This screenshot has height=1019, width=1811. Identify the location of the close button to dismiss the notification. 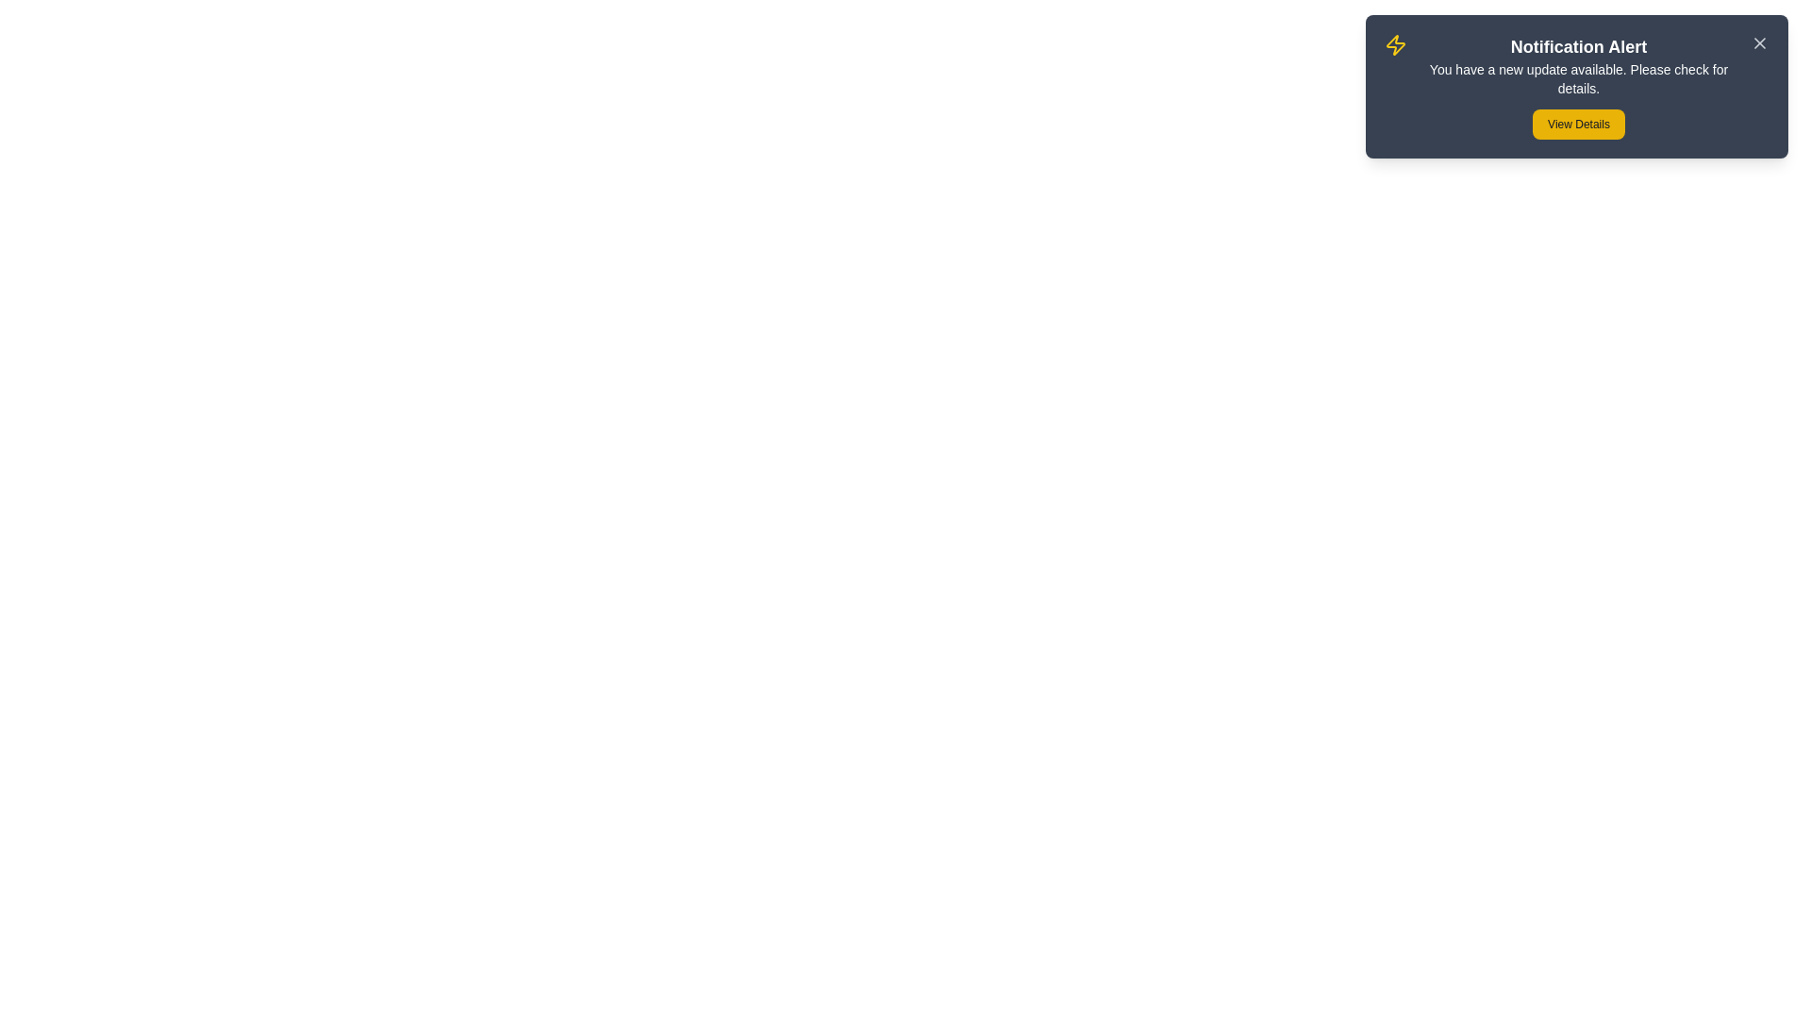
(1759, 42).